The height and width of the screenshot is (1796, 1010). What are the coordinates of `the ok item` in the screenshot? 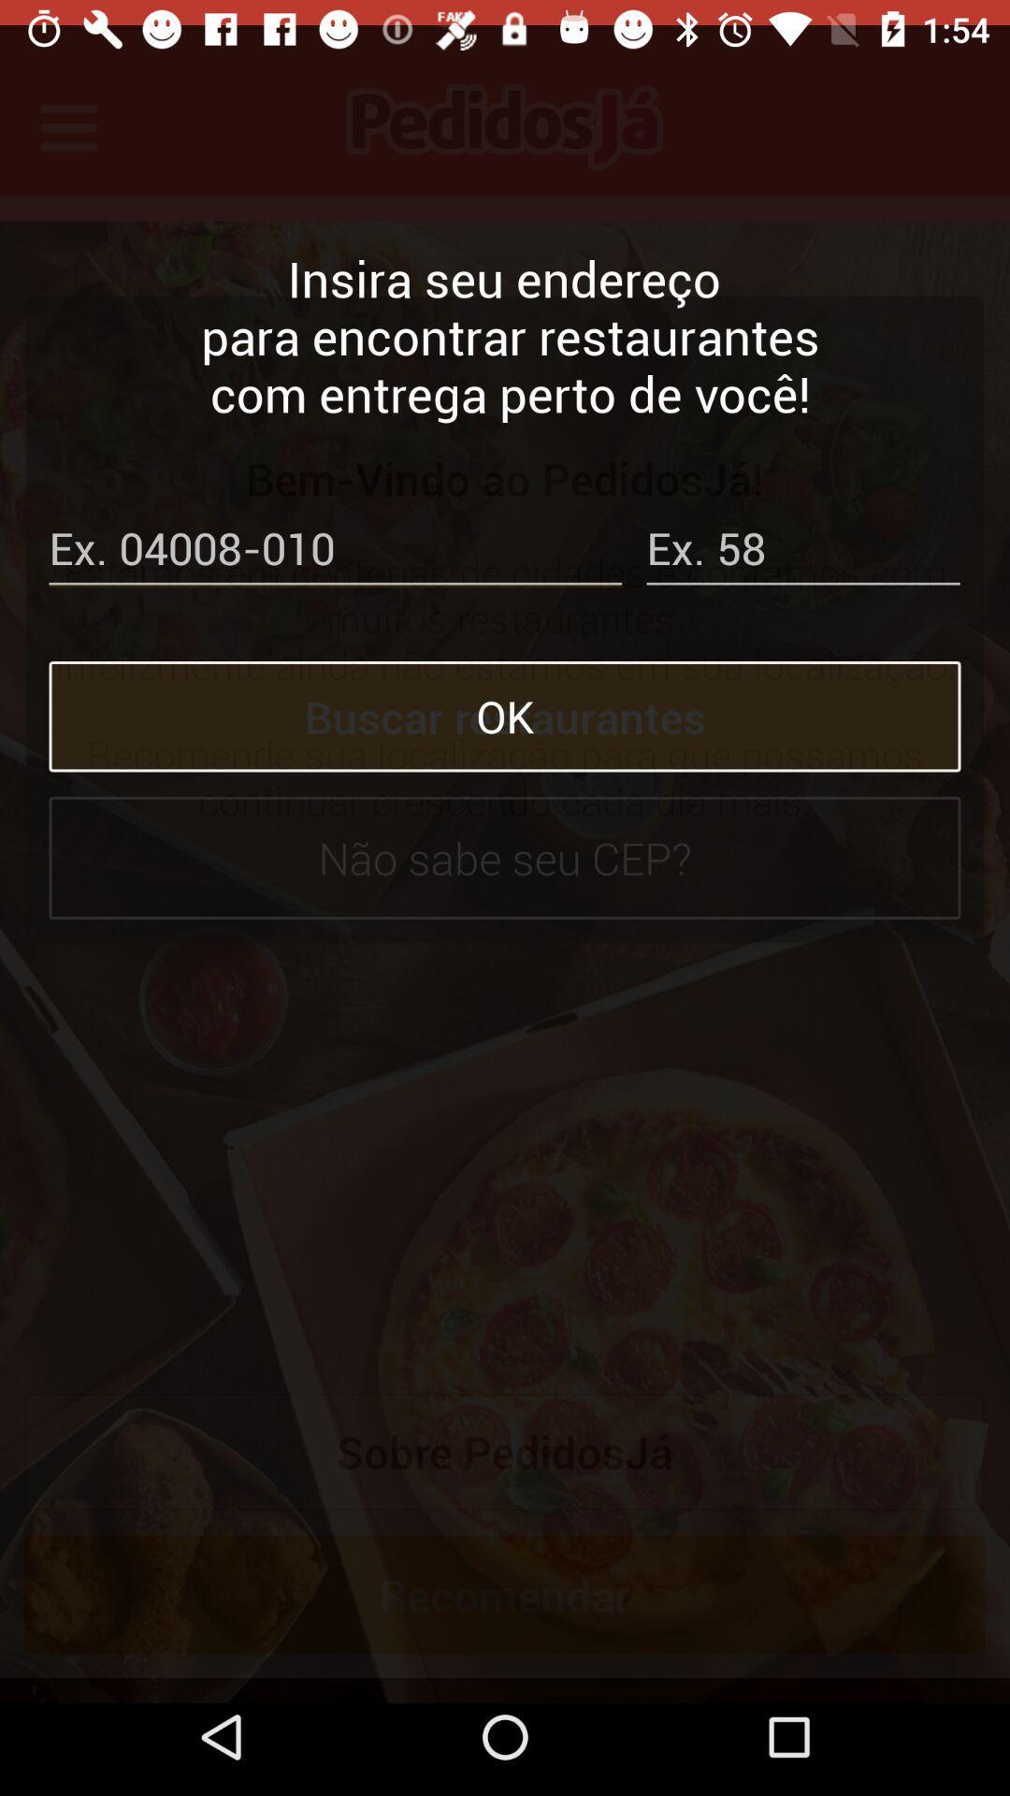 It's located at (505, 690).